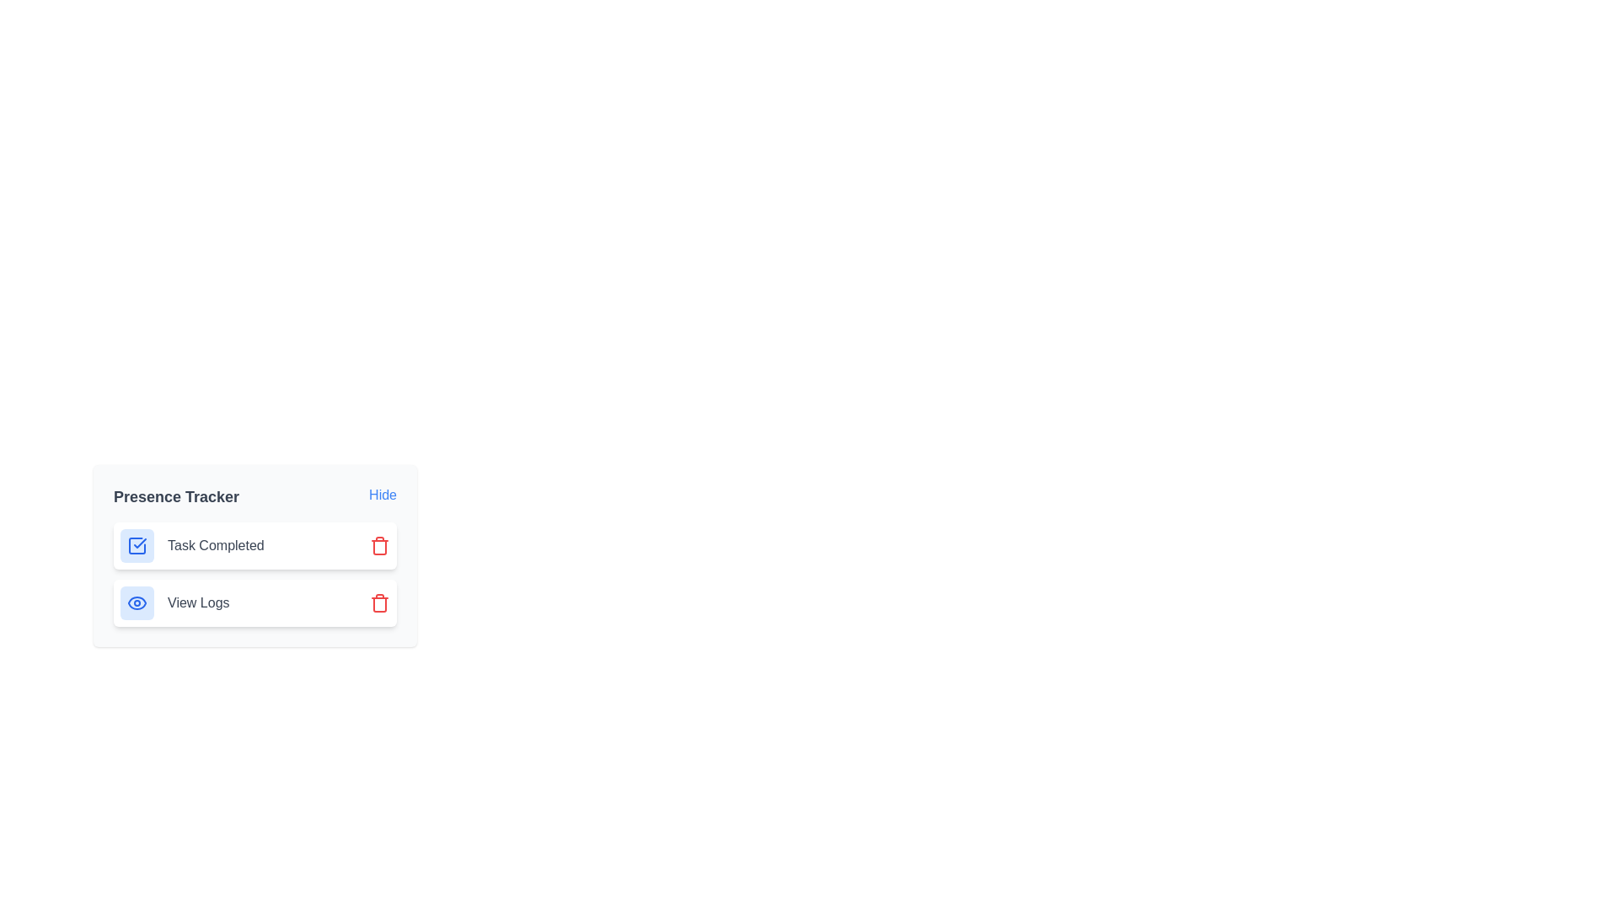 The width and height of the screenshot is (1618, 910). What do you see at coordinates (137, 546) in the screenshot?
I see `the square-shaped icon with a light blue background and a blue checkmark inside, located in the 'Task Completed' card` at bounding box center [137, 546].